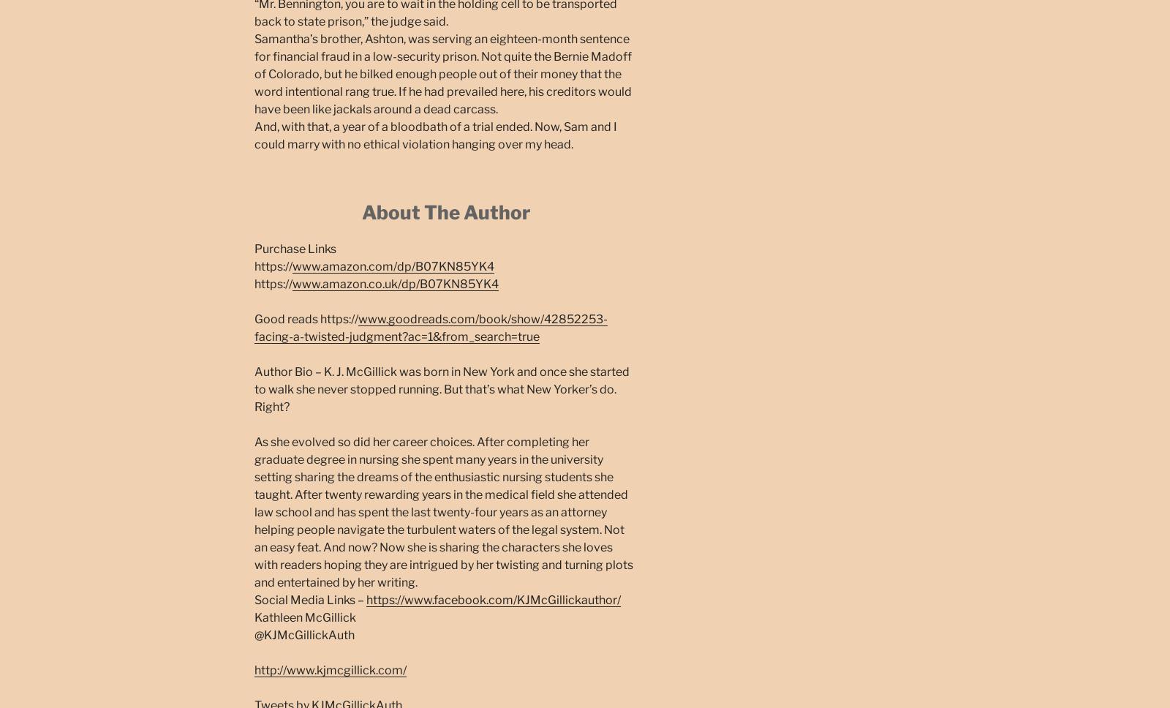 The image size is (1170, 708). Describe the element at coordinates (254, 388) in the screenshot. I see `'Author Bio – K. J. McGillick was born in New York and once she started to walk she never stopped running. But that’s what New Yorker’s do. Right?'` at that location.